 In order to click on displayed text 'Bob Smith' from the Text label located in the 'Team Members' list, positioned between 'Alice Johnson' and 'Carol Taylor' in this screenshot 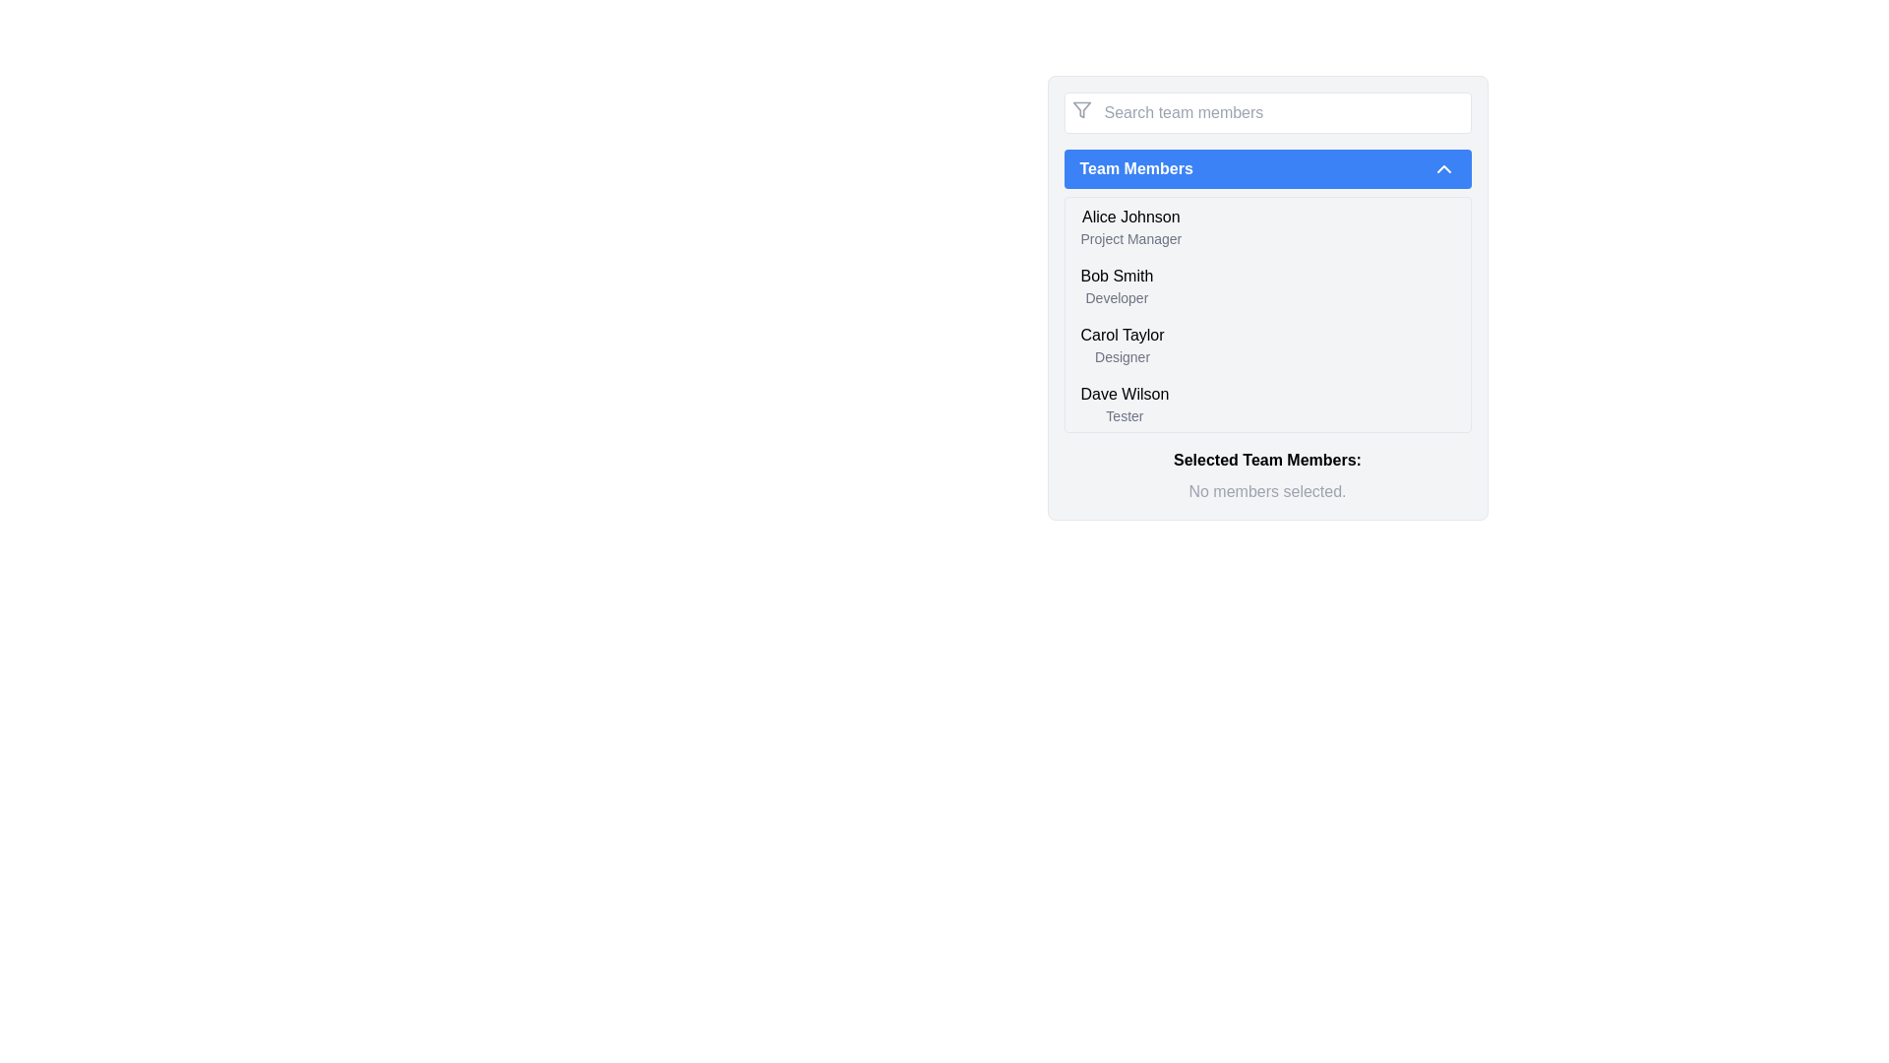, I will do `click(1117, 277)`.